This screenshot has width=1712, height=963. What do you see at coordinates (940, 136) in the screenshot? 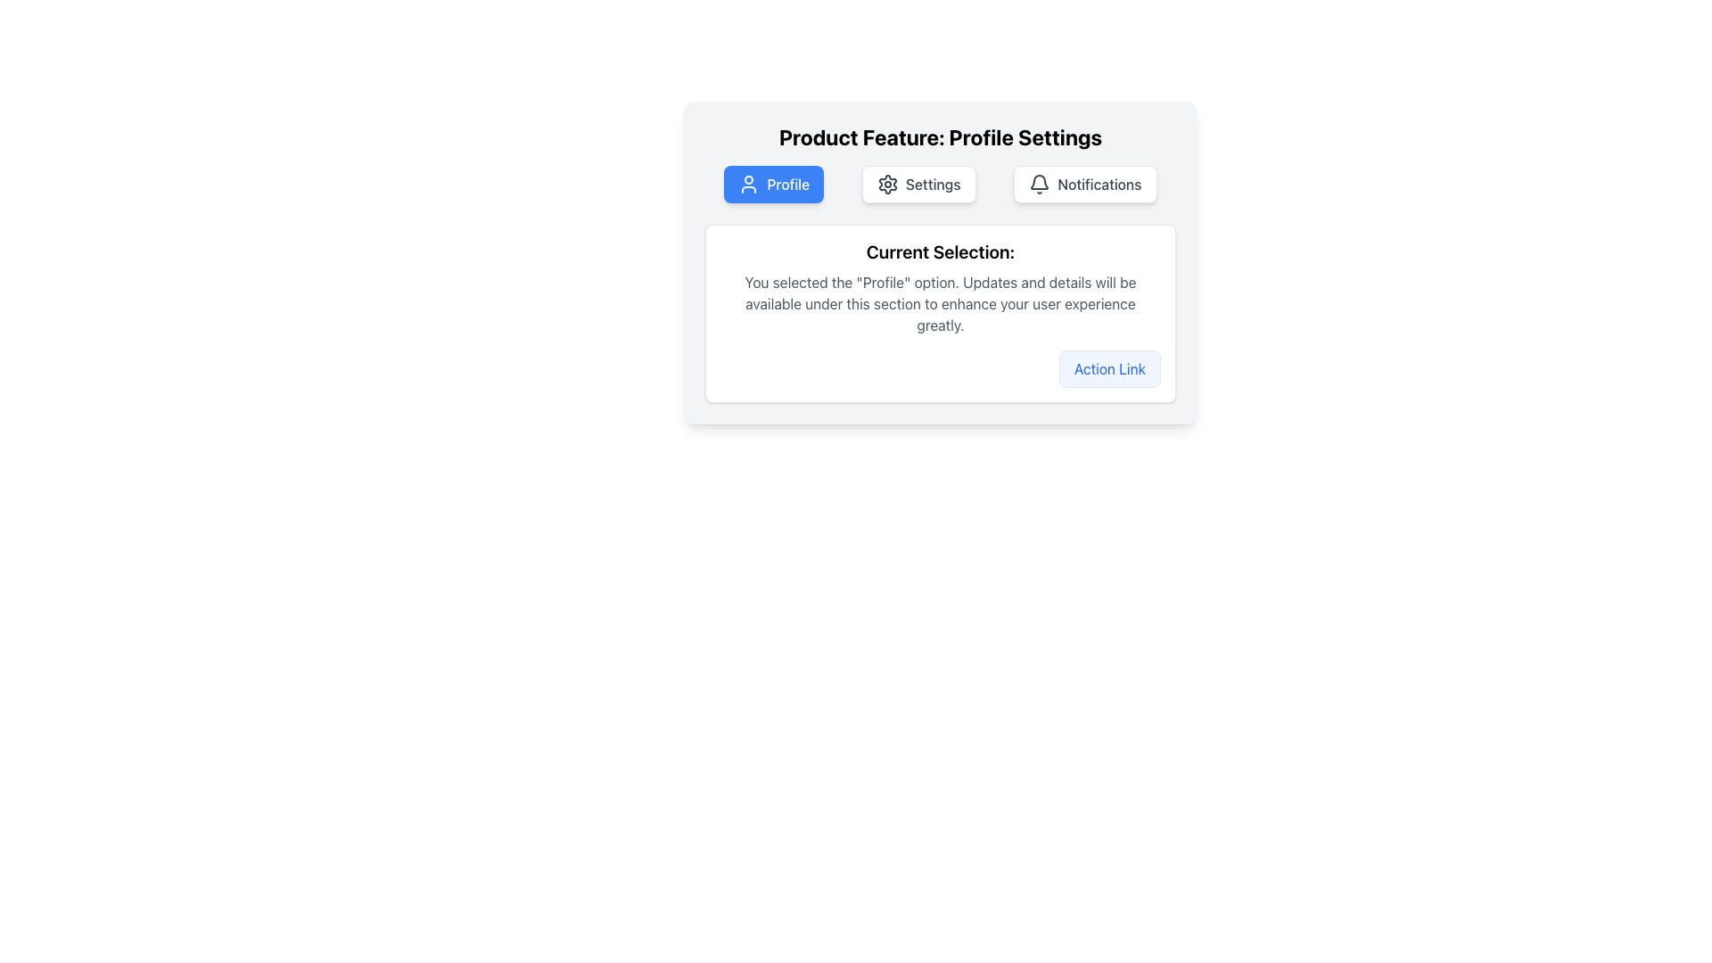
I see `the Text Display element that serves as the heading for 'Product Feature: Profile Settings', which is positioned at the top of the component and is centered horizontally` at bounding box center [940, 136].